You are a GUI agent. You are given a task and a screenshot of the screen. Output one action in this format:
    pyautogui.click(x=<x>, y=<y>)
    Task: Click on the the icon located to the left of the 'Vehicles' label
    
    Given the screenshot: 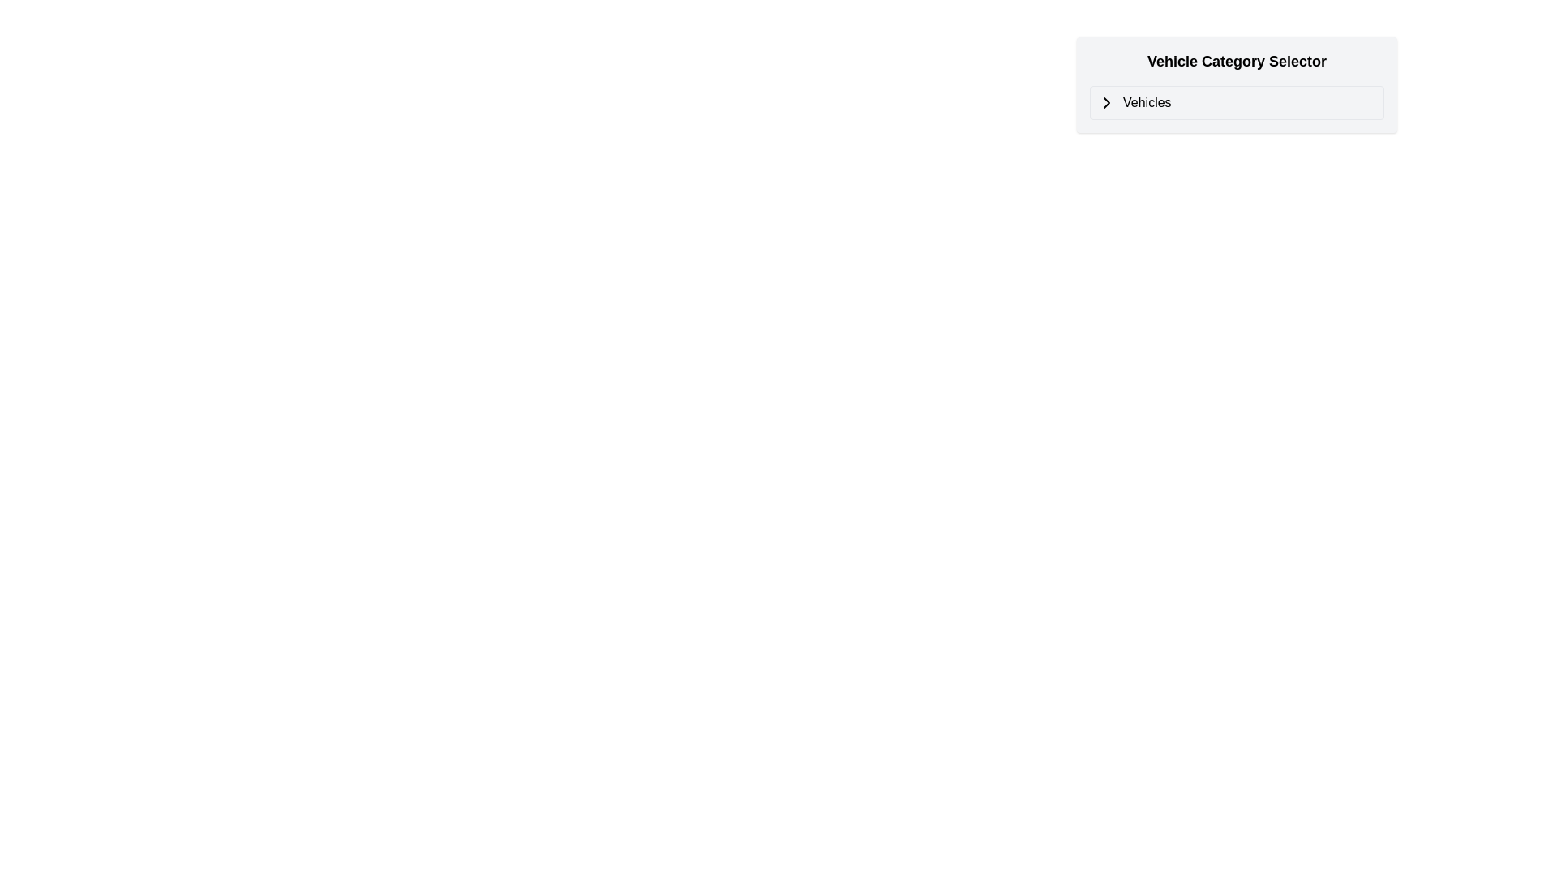 What is the action you would take?
    pyautogui.click(x=1105, y=103)
    